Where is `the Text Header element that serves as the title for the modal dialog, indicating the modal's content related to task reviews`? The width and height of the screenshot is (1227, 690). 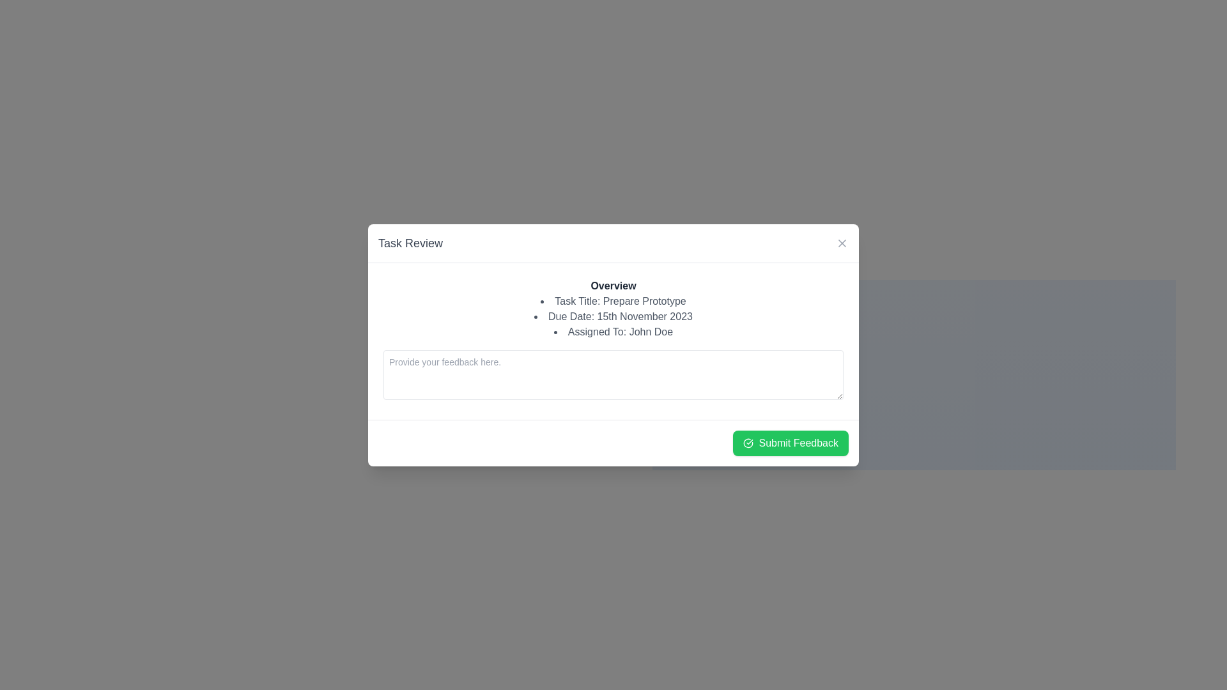
the Text Header element that serves as the title for the modal dialog, indicating the modal's content related to task reviews is located at coordinates (410, 243).